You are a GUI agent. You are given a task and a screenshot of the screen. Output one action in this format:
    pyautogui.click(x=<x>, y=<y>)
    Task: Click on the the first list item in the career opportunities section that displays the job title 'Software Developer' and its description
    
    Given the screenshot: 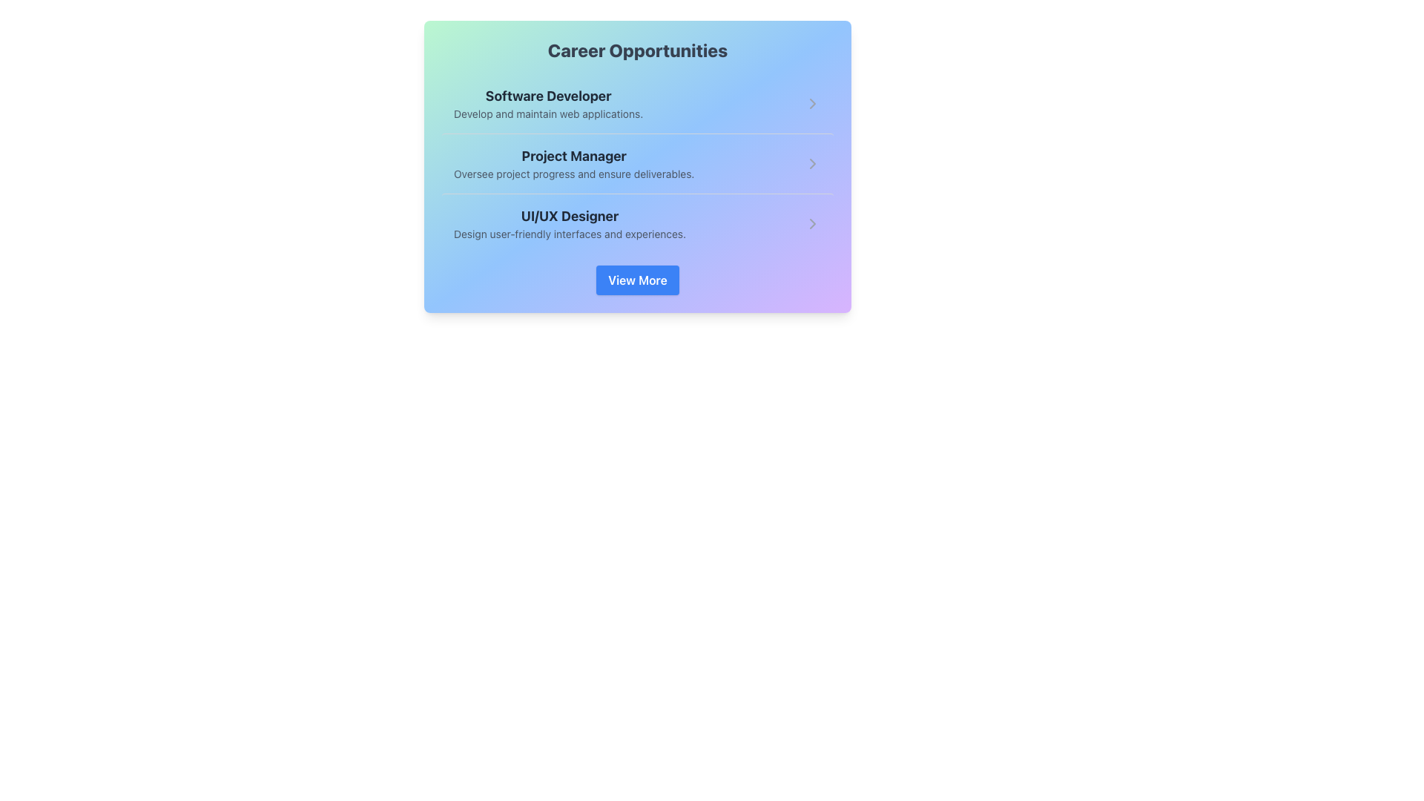 What is the action you would take?
    pyautogui.click(x=547, y=102)
    